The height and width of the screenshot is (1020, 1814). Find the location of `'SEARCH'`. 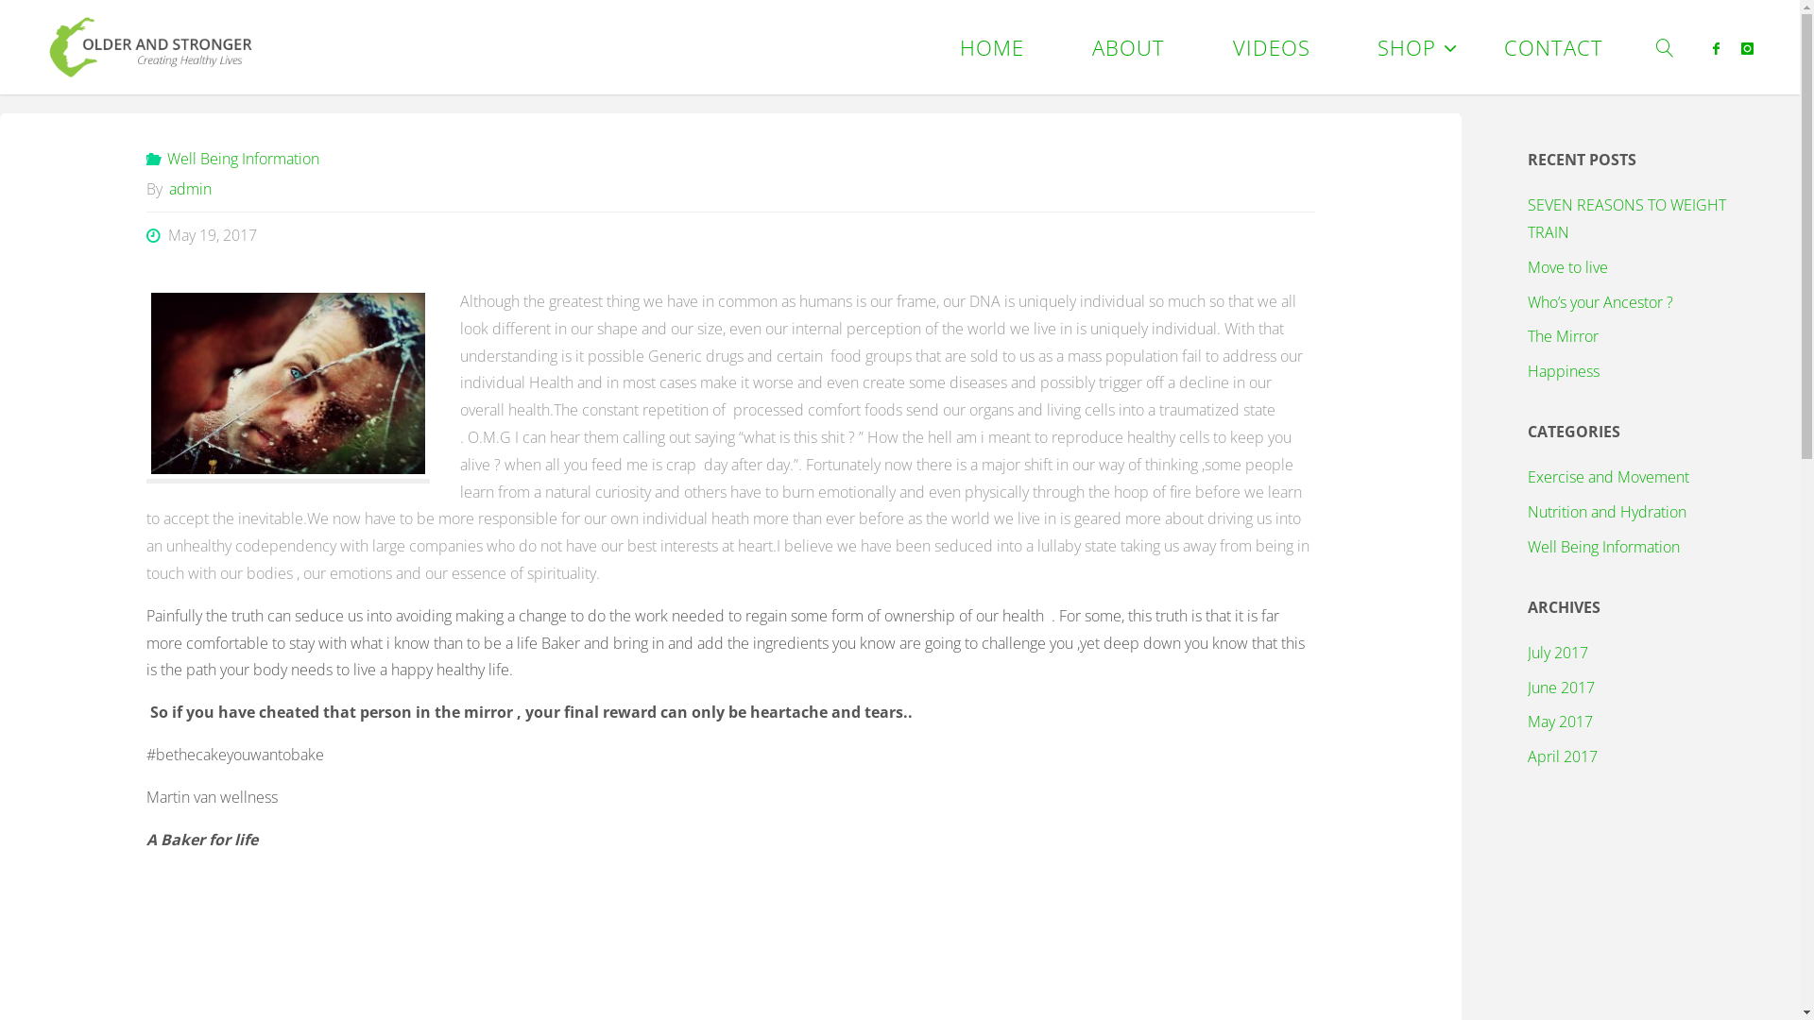

'SEARCH' is located at coordinates (1666, 46).